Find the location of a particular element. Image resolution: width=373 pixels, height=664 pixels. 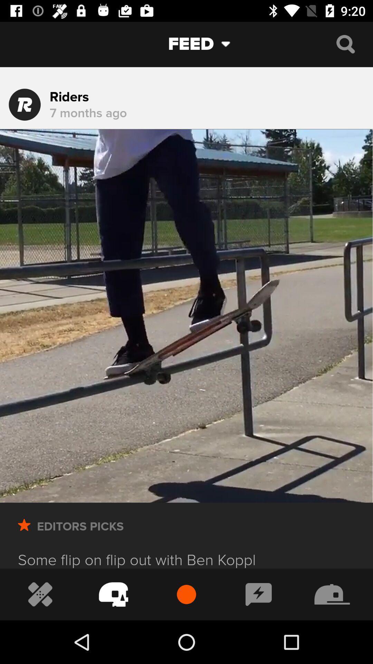

prevention is located at coordinates (113, 594).